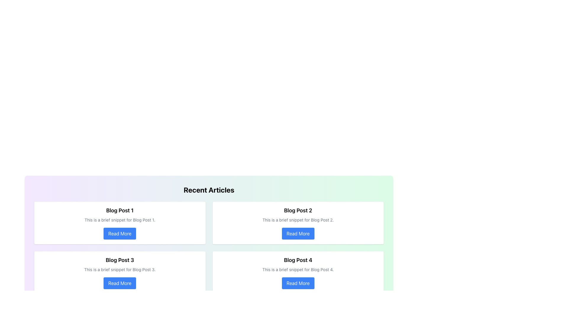 Image resolution: width=568 pixels, height=319 pixels. Describe the element at coordinates (298, 210) in the screenshot. I see `the text element 'Blog Post 2', which is styled in bold and larger font size at the top-center of a card with a white background and rounded corners` at that location.